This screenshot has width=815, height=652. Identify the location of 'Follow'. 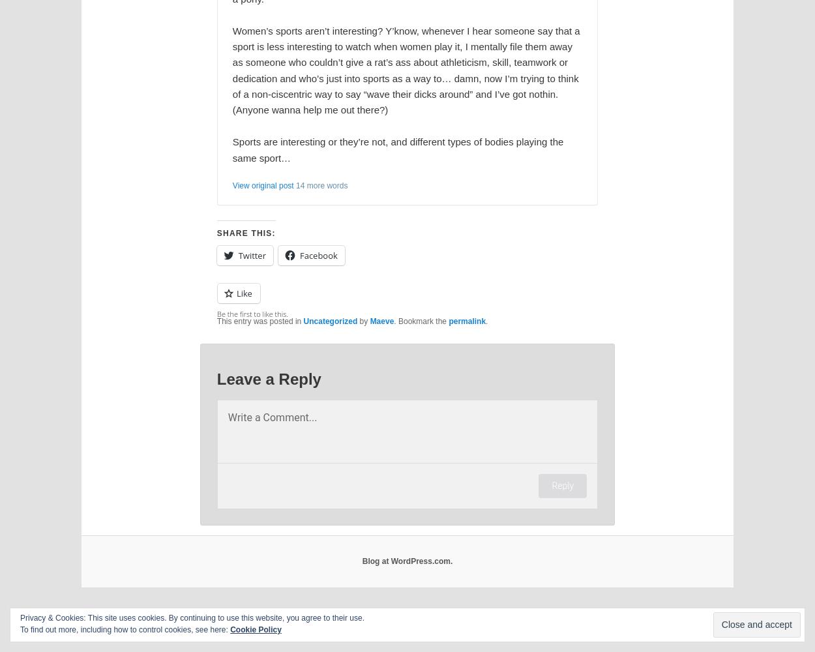
(750, 633).